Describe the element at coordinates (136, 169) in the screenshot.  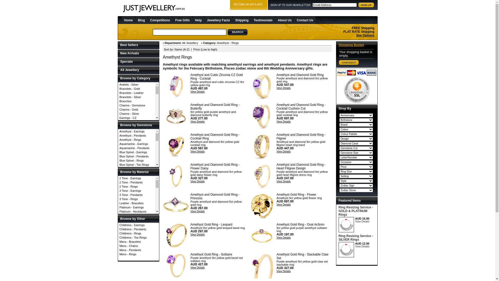
I see `'Blue Topaz - Earrings'` at that location.